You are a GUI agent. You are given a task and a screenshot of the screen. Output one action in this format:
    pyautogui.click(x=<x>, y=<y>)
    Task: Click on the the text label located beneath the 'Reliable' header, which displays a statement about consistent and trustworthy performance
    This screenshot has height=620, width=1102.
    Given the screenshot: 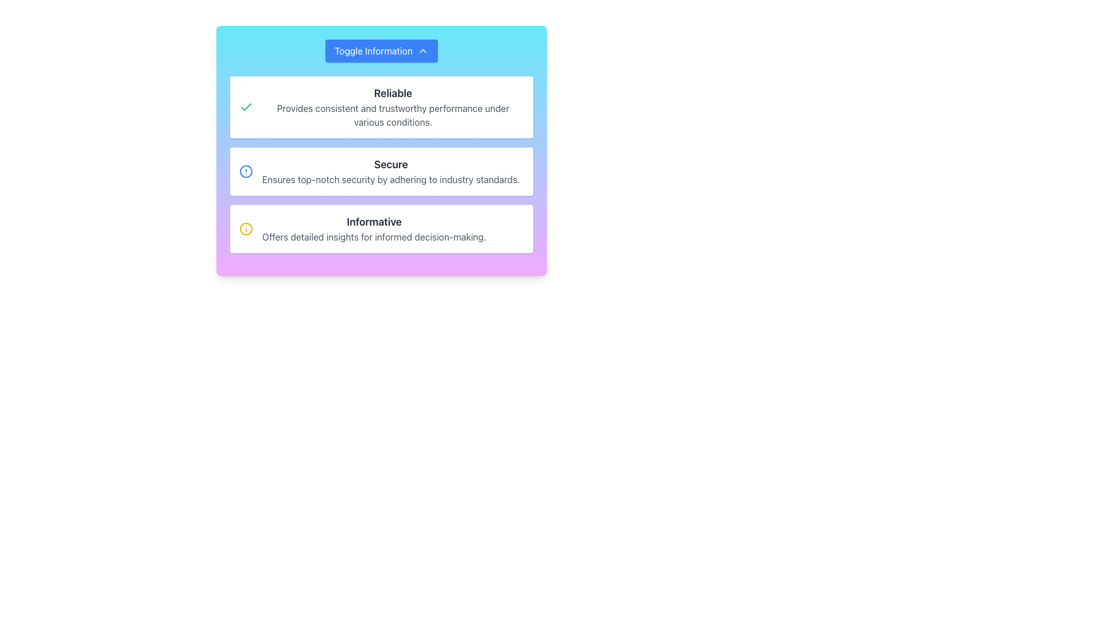 What is the action you would take?
    pyautogui.click(x=393, y=115)
    